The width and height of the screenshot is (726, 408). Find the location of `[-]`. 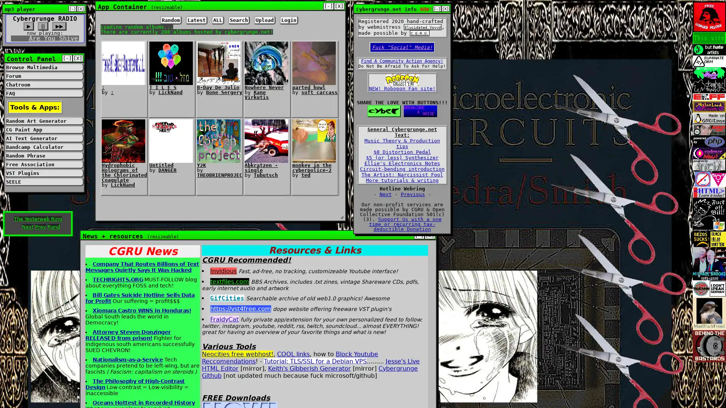

[-] is located at coordinates (328, 6).